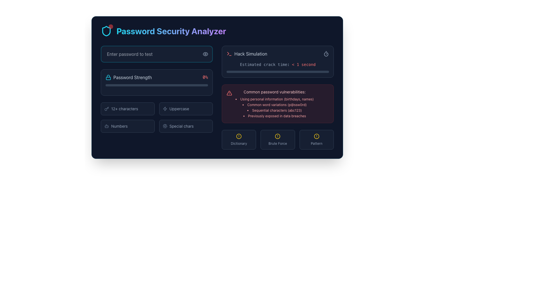 The image size is (539, 303). I want to click on the circular icon within the timer SVG icon located at the top-right corner of the 'Hack Simulation' card component, so click(326, 54).